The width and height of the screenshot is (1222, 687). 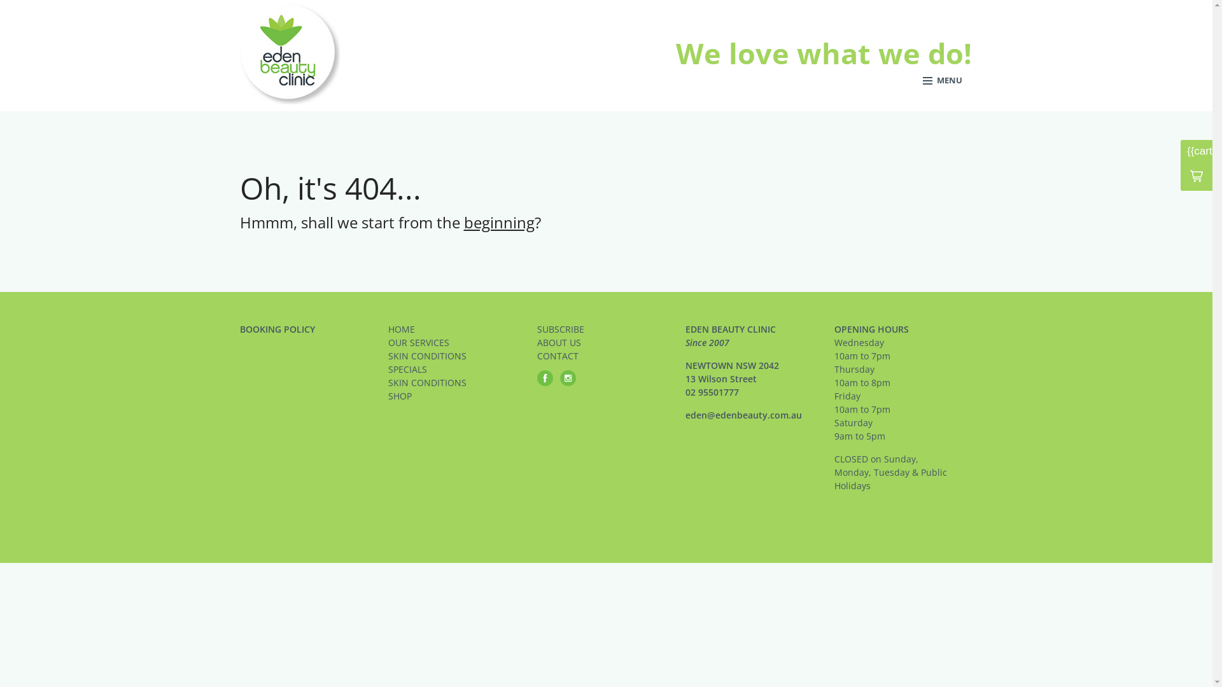 What do you see at coordinates (498, 221) in the screenshot?
I see `'beginning'` at bounding box center [498, 221].